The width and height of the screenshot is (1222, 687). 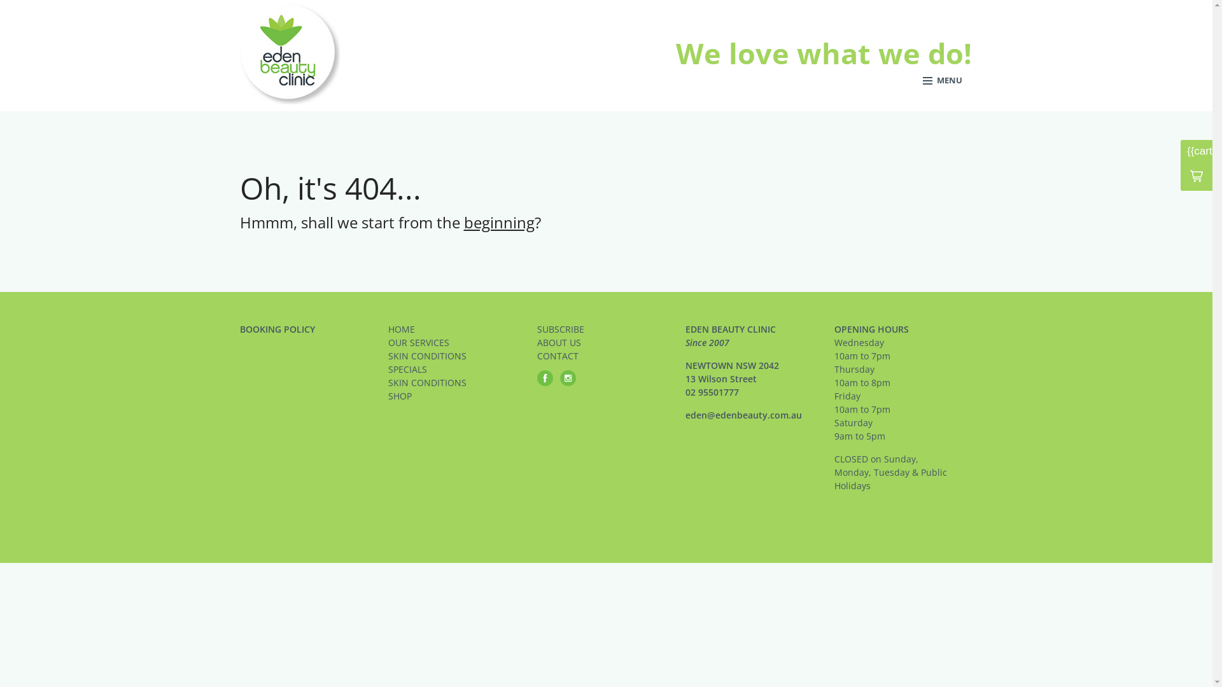 What do you see at coordinates (498, 221) in the screenshot?
I see `'beginning'` at bounding box center [498, 221].